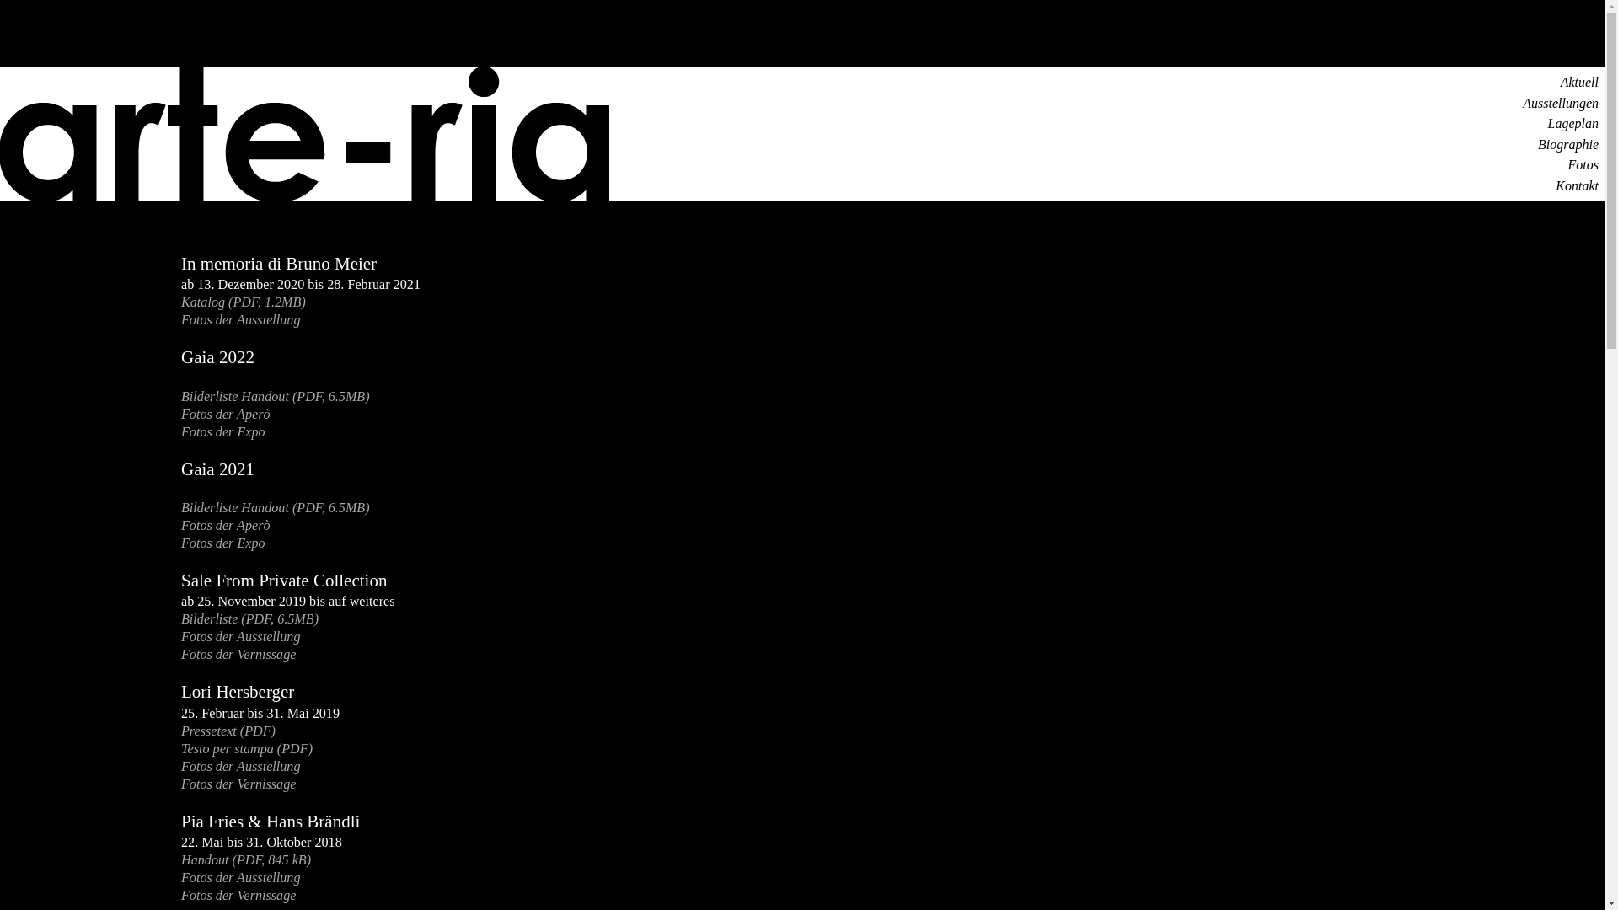  What do you see at coordinates (181, 730) in the screenshot?
I see `'Pressetext (PDF)'` at bounding box center [181, 730].